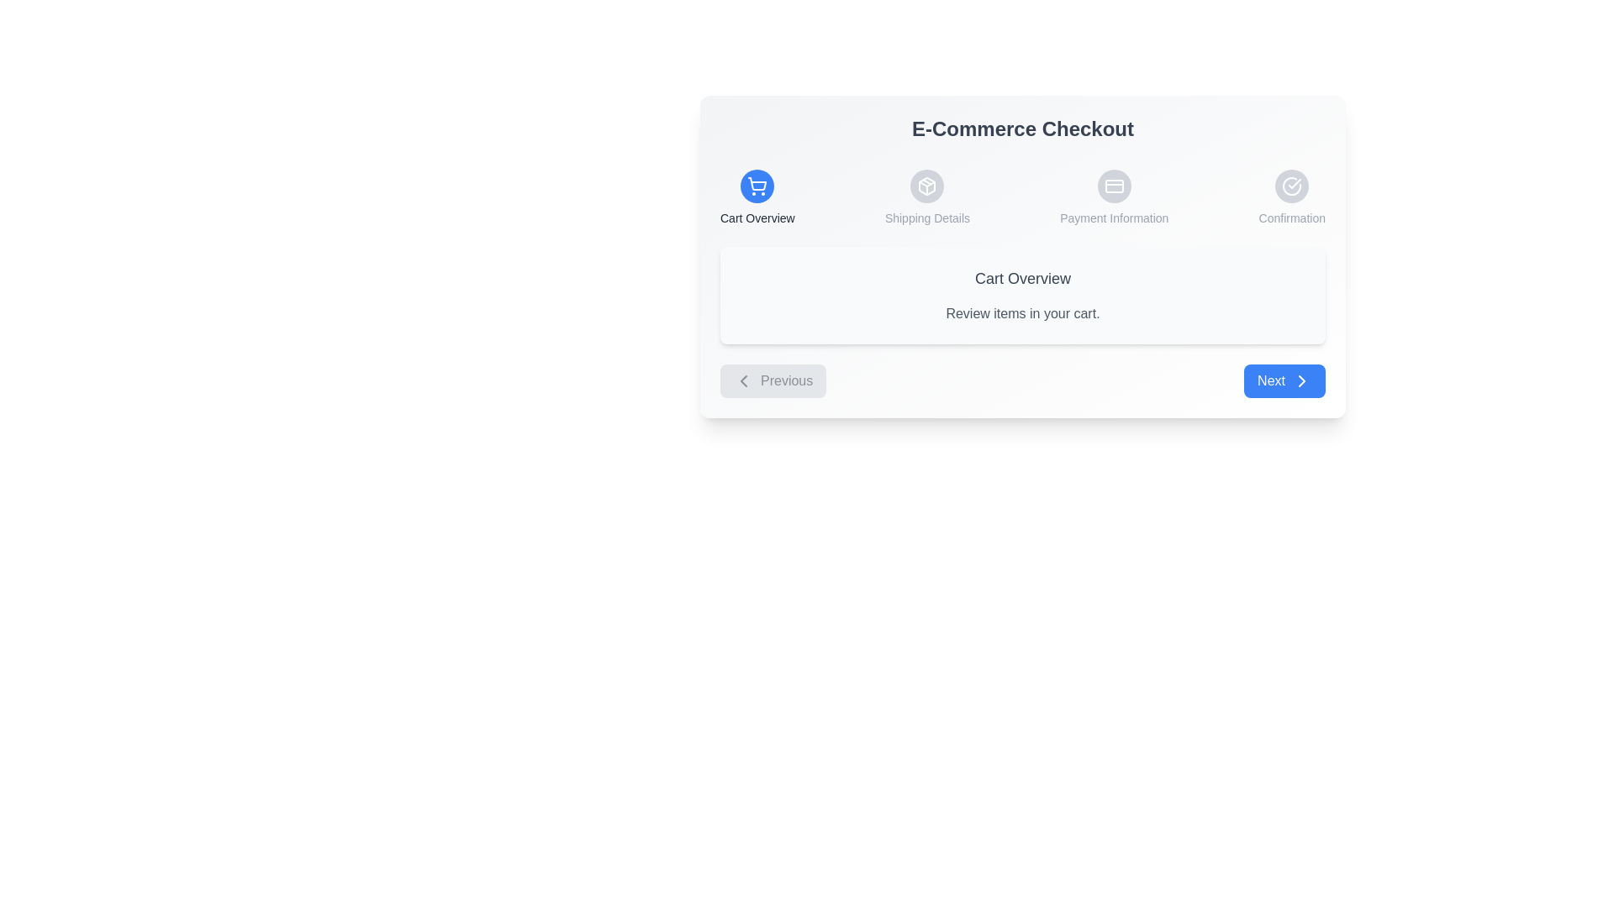 Image resolution: width=1614 pixels, height=907 pixels. I want to click on the left-pointing chevron arrow icon within the 'Previous' button, so click(742, 381).